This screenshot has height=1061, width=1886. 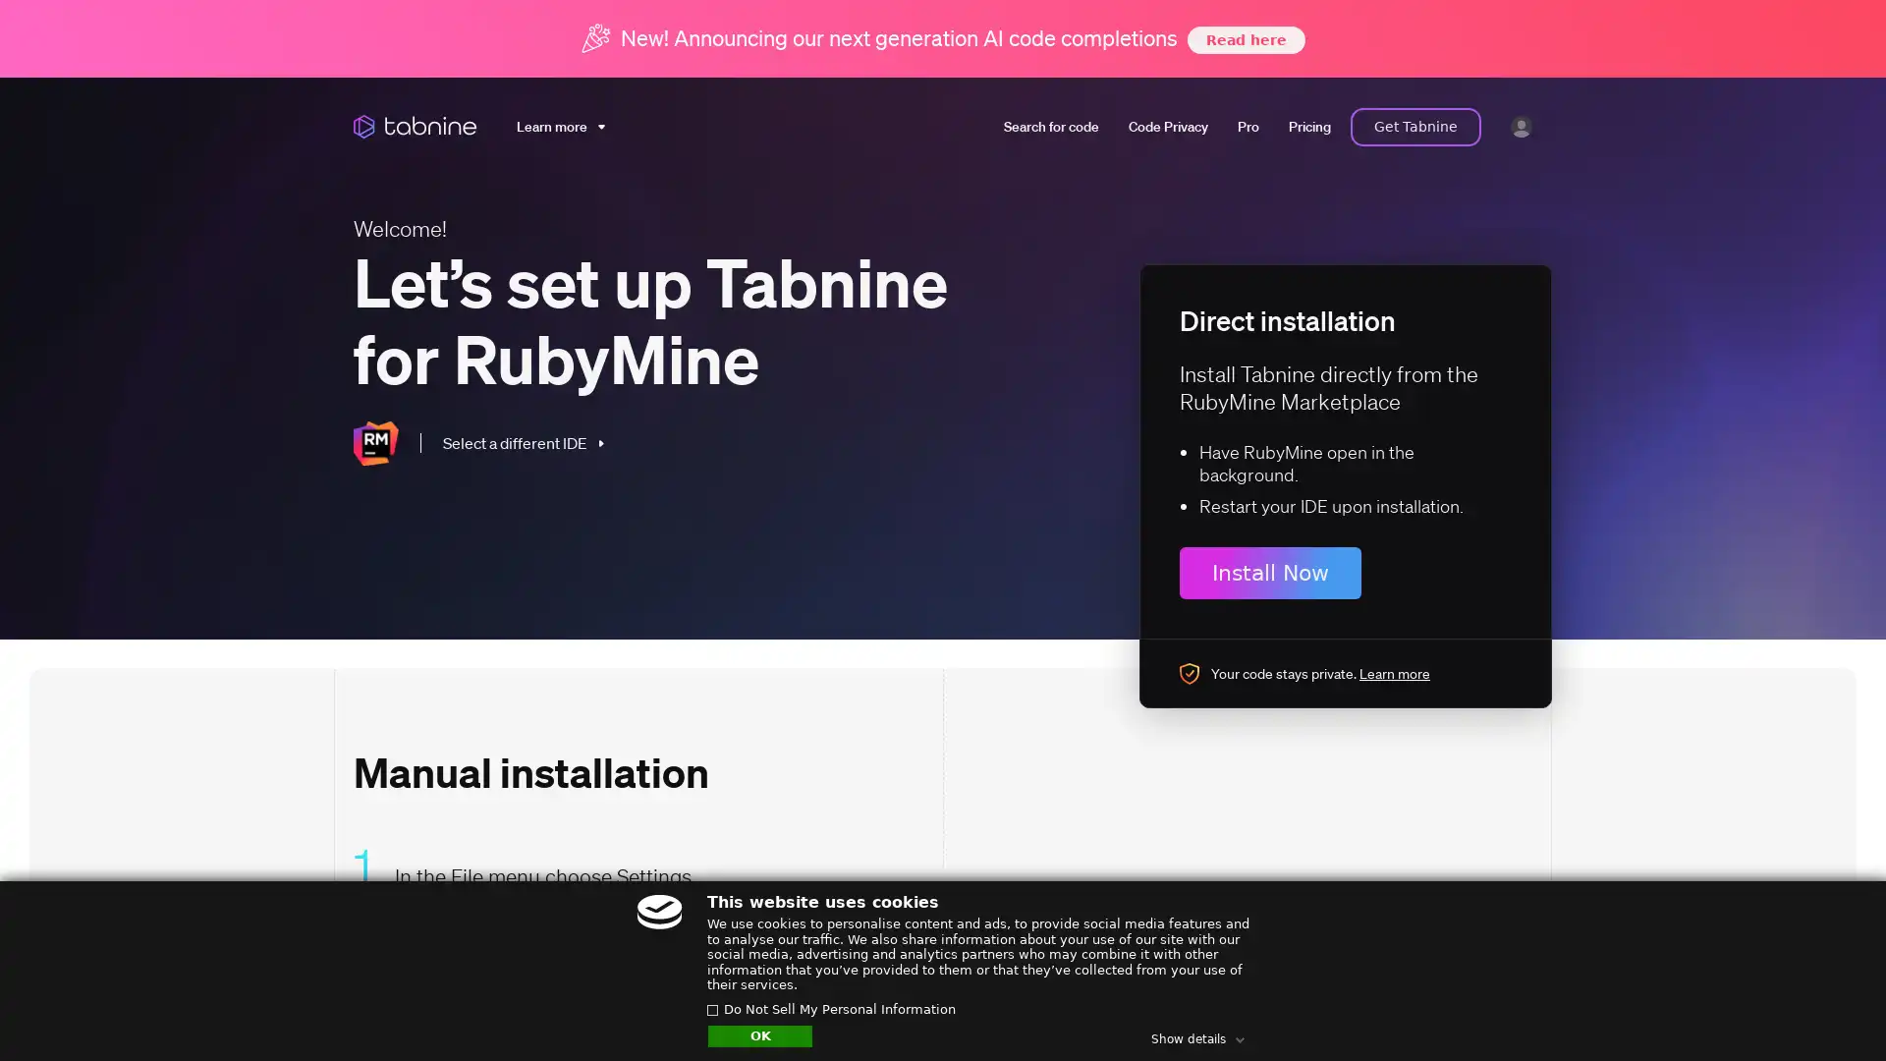 What do you see at coordinates (1783, 985) in the screenshot?
I see `Dismiss Message` at bounding box center [1783, 985].